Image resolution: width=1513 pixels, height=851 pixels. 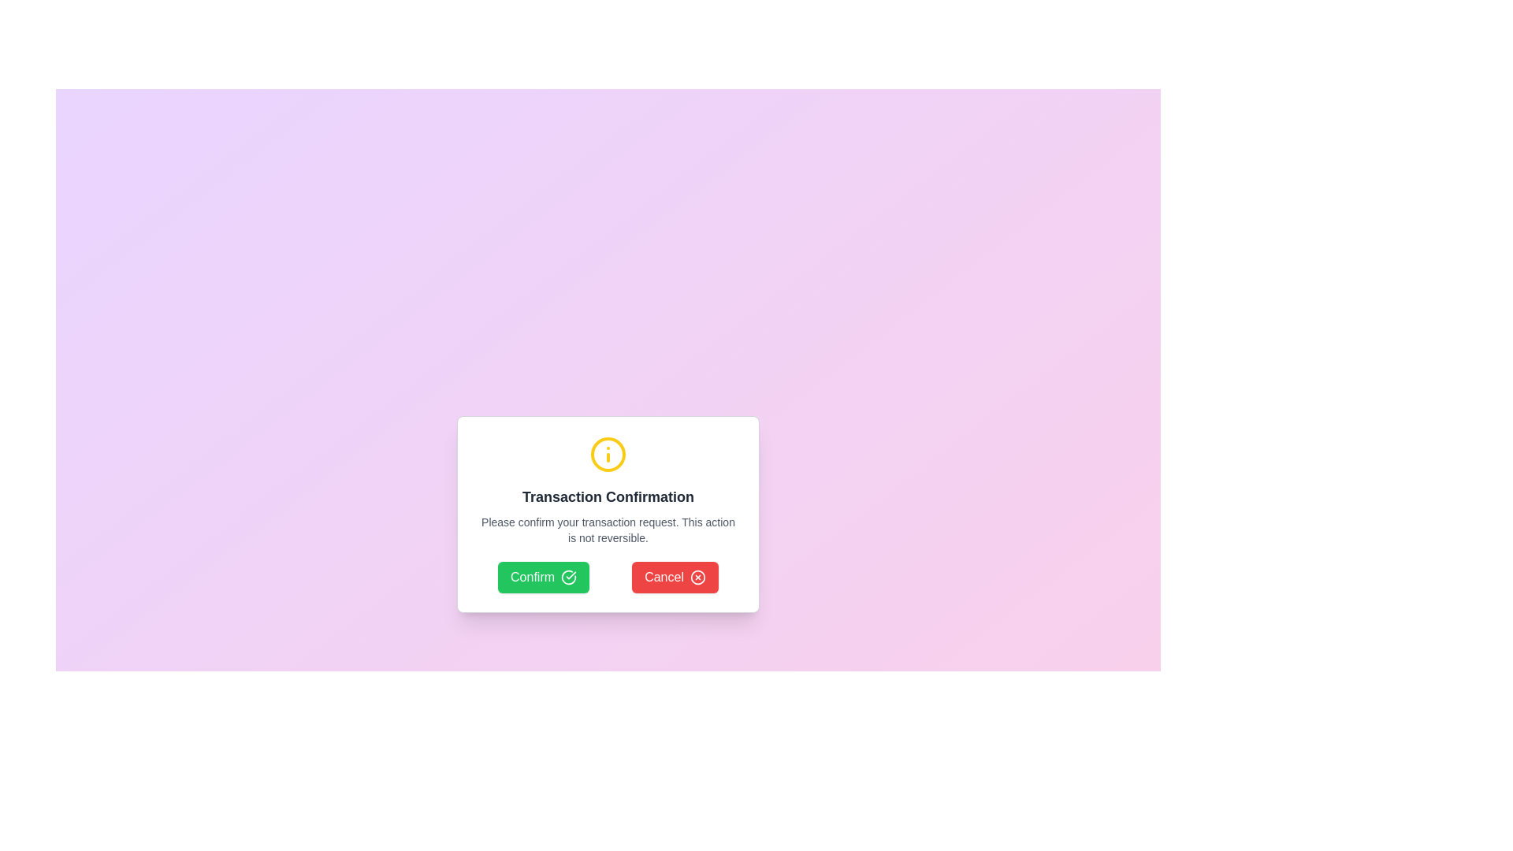 I want to click on the bold red 'Cancel' button text label at the bottom-right corner of the confirmation modal, so click(x=664, y=577).